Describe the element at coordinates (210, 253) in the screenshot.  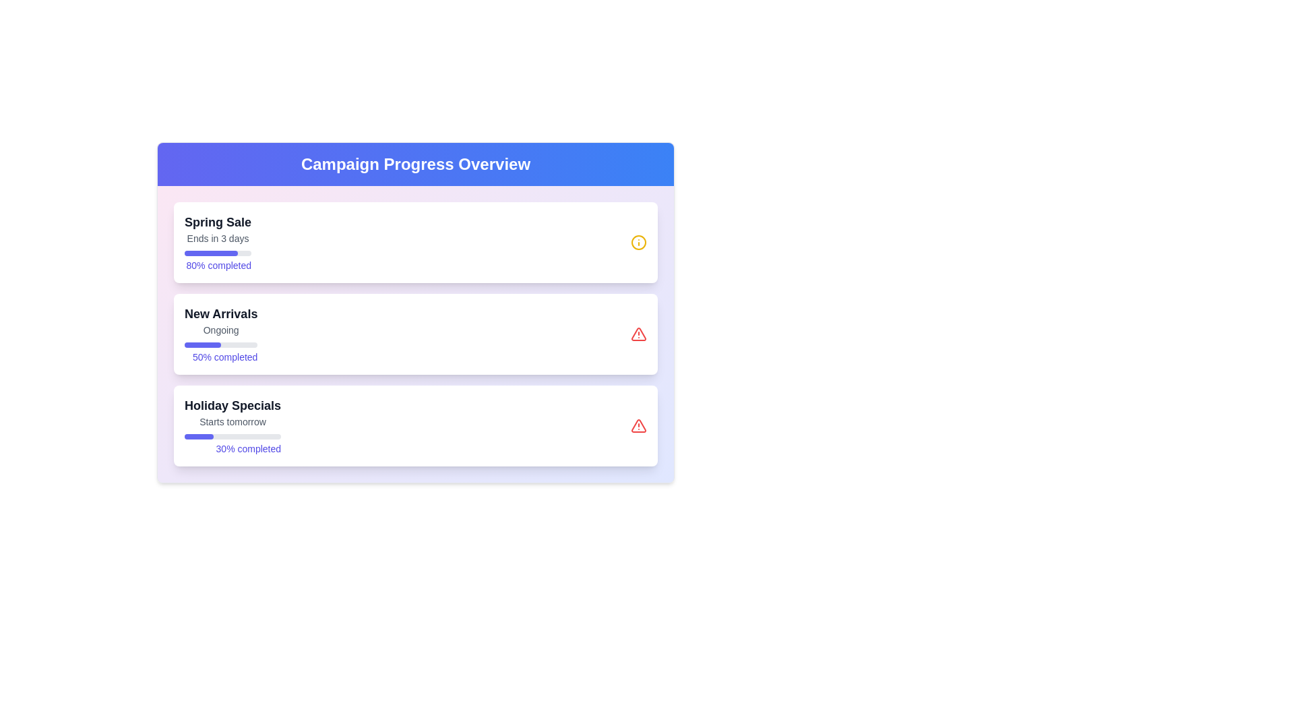
I see `the filled part of the Progress Bar in the 'Spring Sale' section of the Campaign Progress Overview interface, which is a horizontal bar filled to 80% with a purple color` at that location.